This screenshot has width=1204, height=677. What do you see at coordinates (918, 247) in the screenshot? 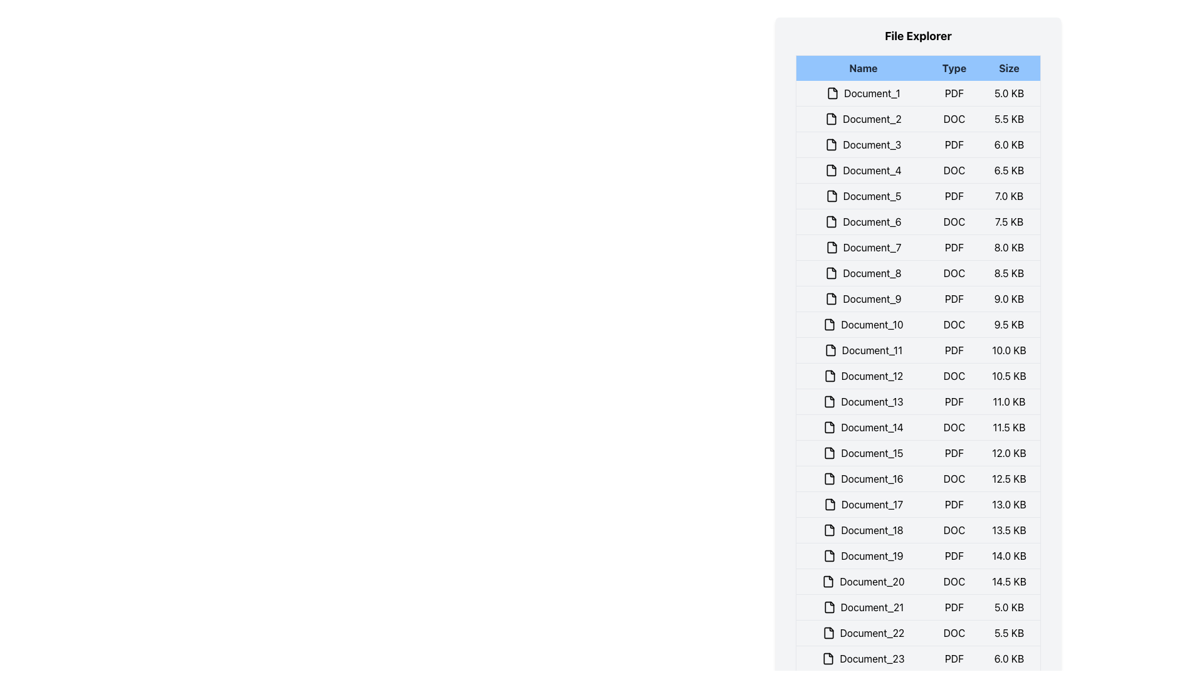
I see `the seventh row in the file explorer table, which displays 'Document_7' with a file icon, to highlight it` at bounding box center [918, 247].